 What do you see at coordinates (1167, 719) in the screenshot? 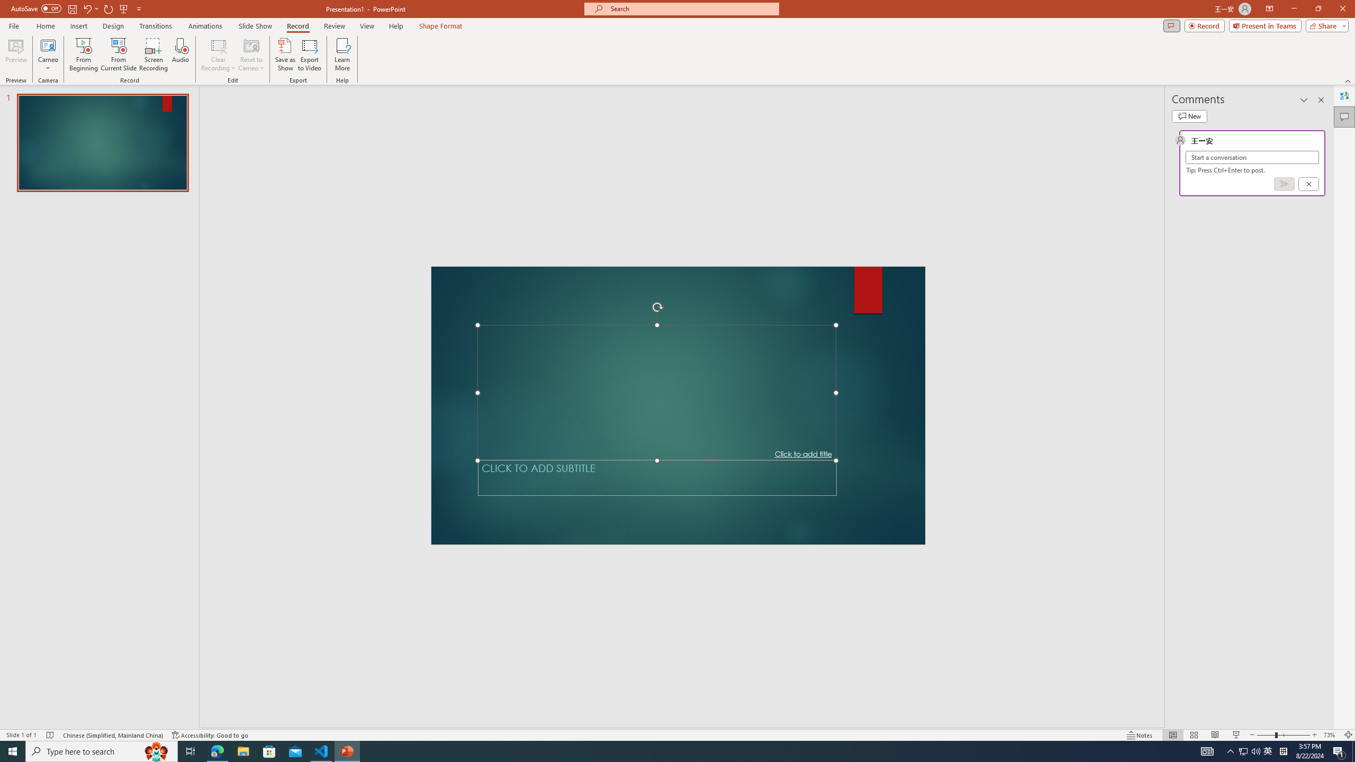
I see `'Print Layout'` at bounding box center [1167, 719].